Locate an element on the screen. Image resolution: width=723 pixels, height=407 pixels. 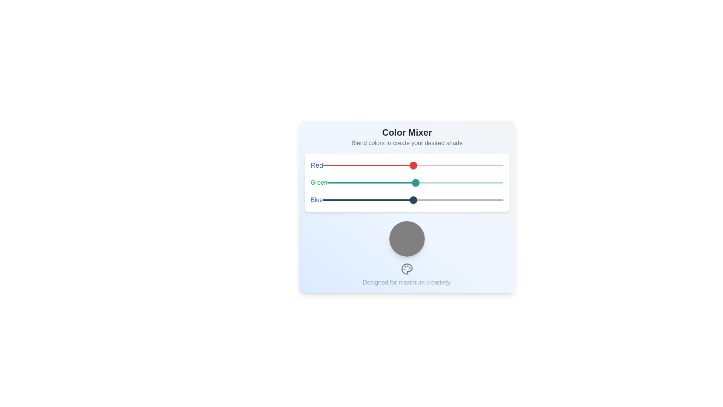
the red value is located at coordinates (389, 165).